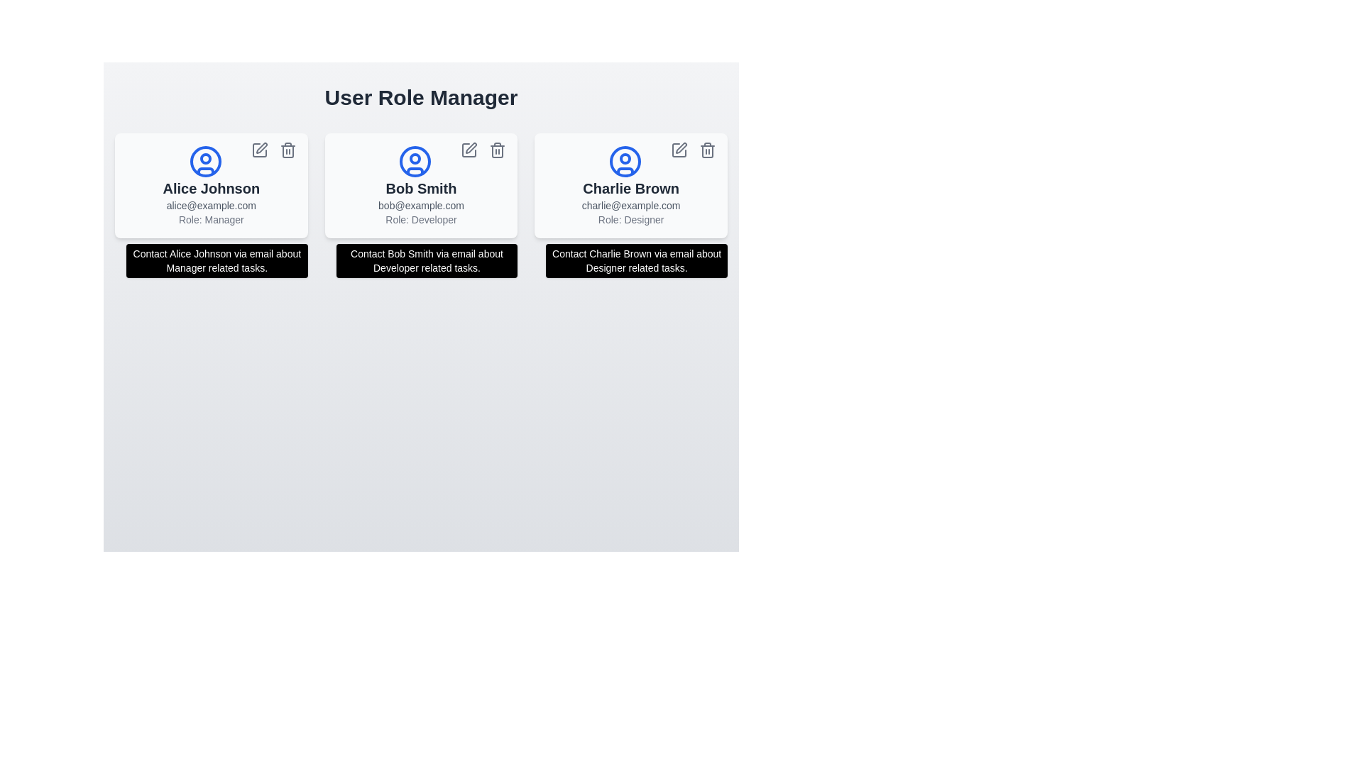 This screenshot has width=1363, height=766. What do you see at coordinates (287, 150) in the screenshot?
I see `the trash icon in the top-right corner of the 'Alice Johnson' card` at bounding box center [287, 150].